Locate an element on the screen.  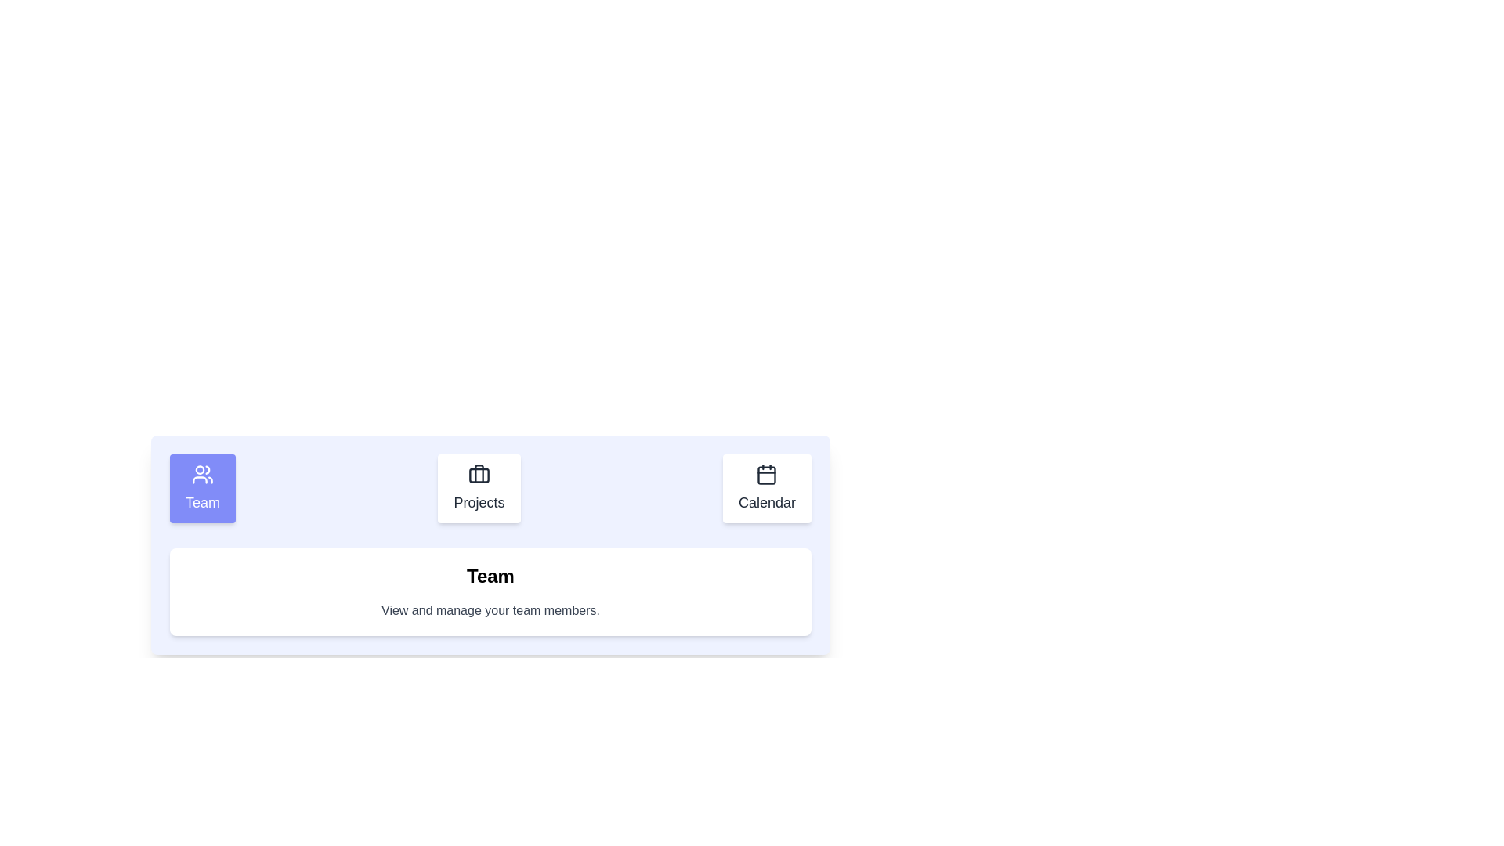
the Calendar tab to switch to its view is located at coordinates (767, 488).